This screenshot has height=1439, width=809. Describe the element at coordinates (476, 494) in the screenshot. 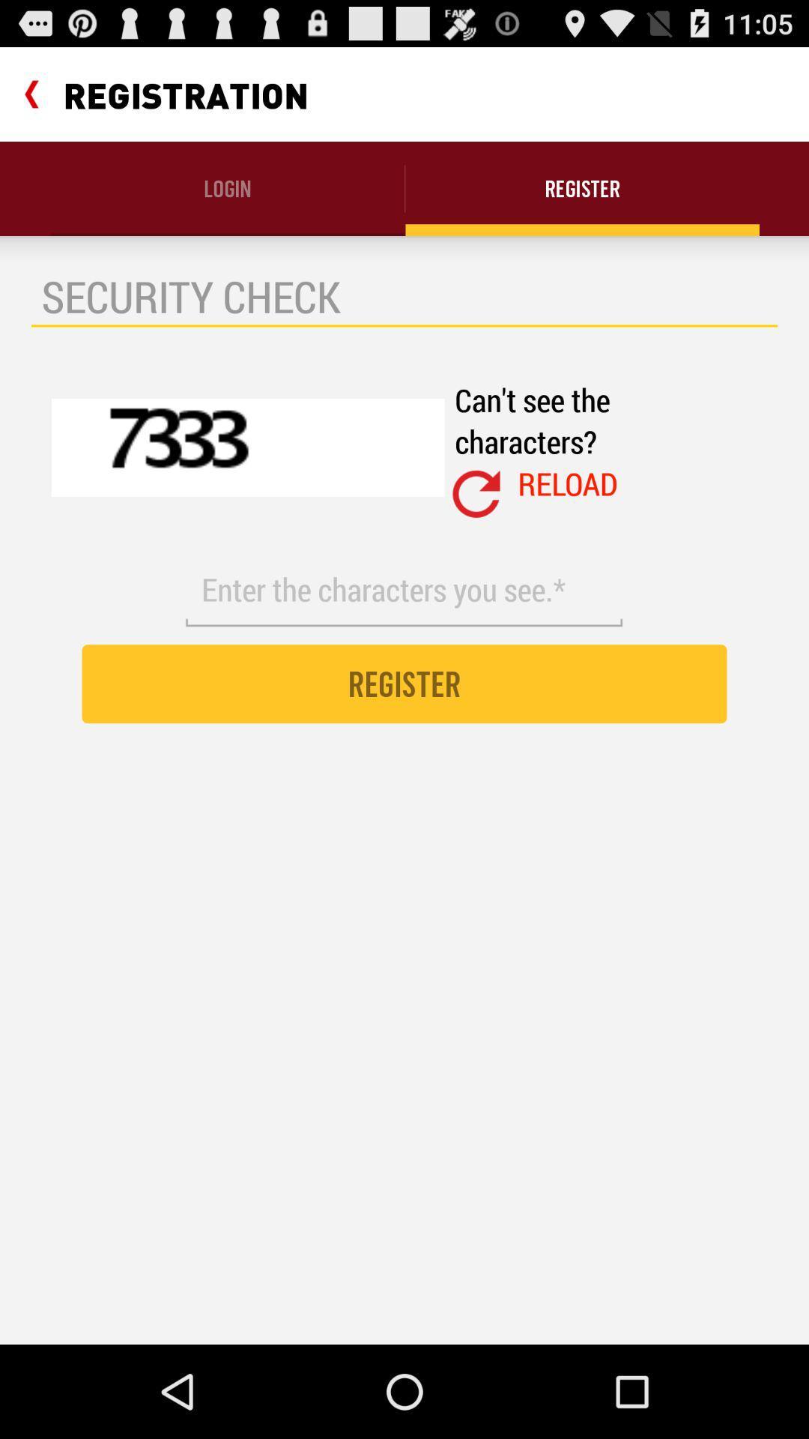

I see `icon next to reload item` at that location.